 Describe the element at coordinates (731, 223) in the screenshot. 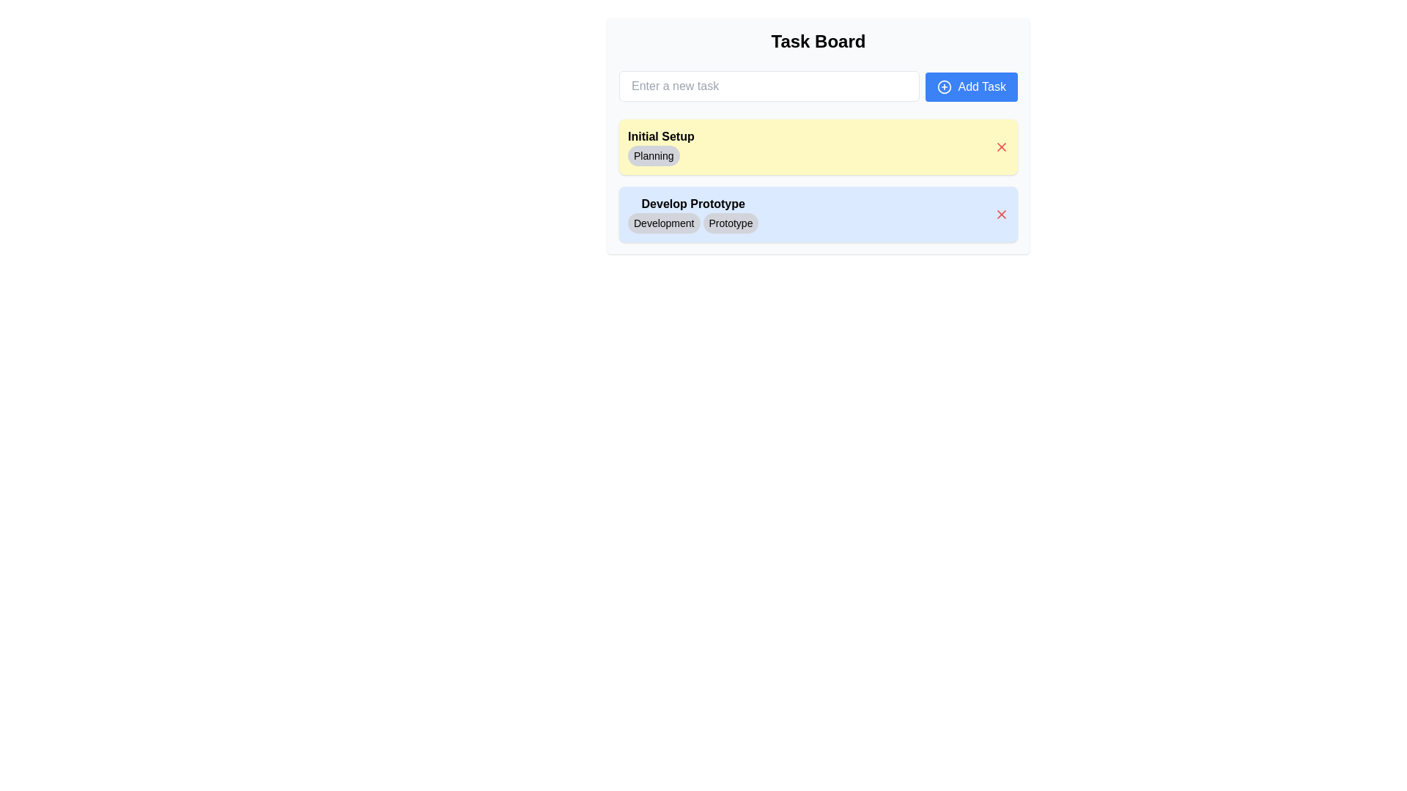

I see `pill-shaped badge labeled 'Prototype' with a light gray background and black text, located in the 'Develop Prototype' section of the task board` at that location.